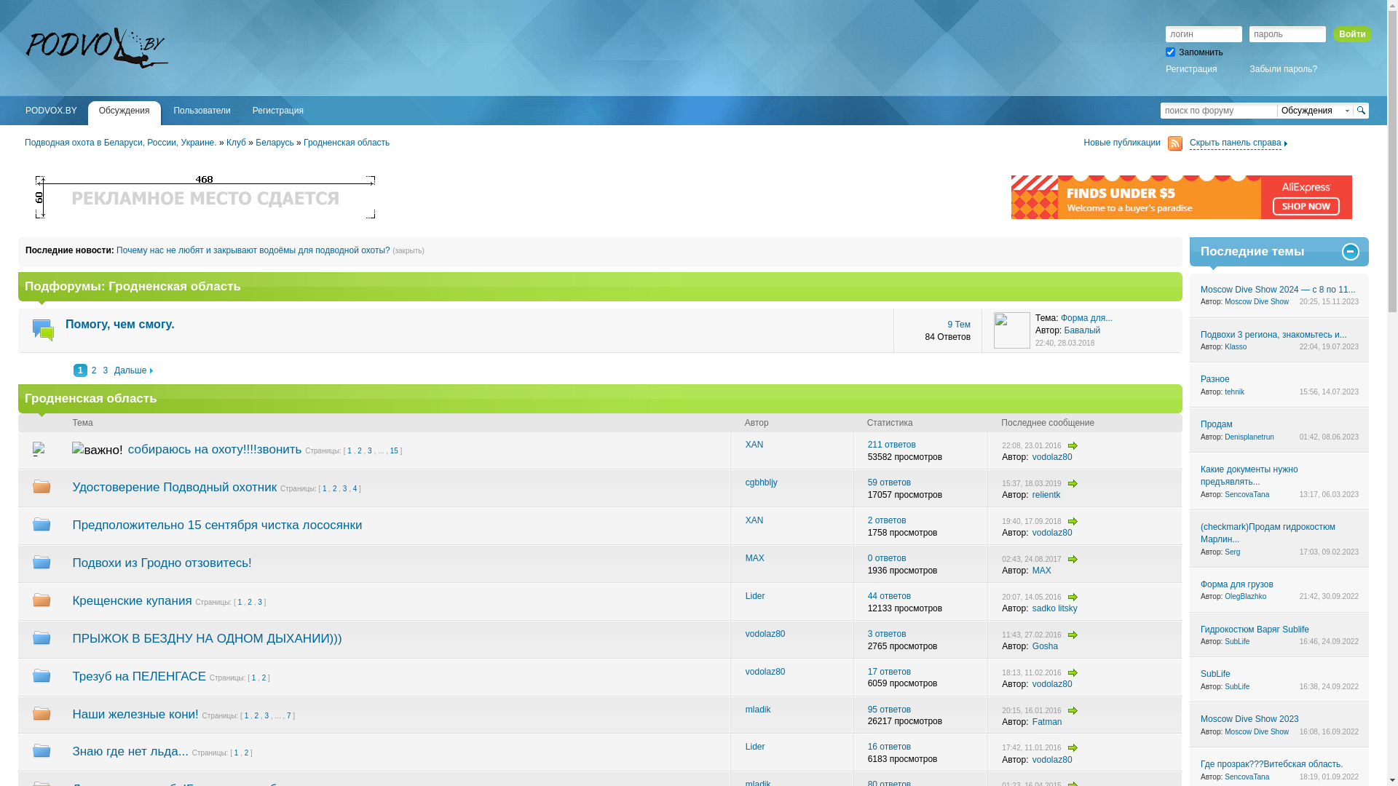 This screenshot has width=1398, height=786. I want to click on 'PODVOX.BY', so click(25, 112).